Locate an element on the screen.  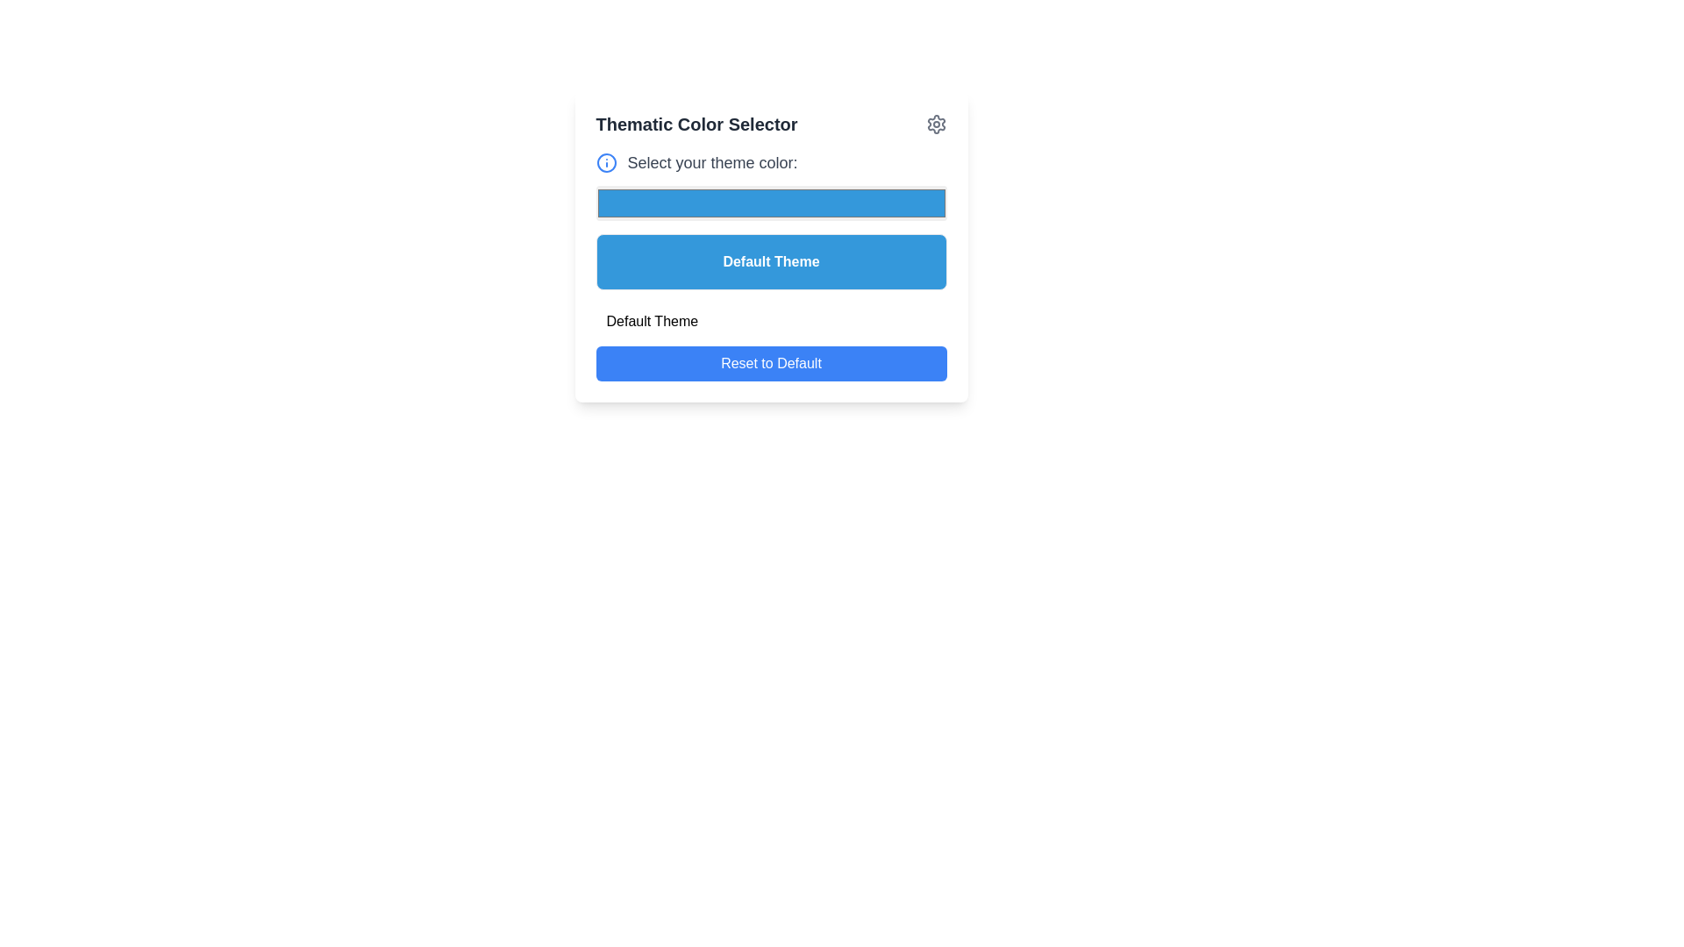
the title bar text of the thematic color selection interface is located at coordinates (771, 124).